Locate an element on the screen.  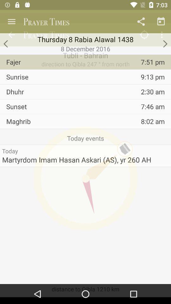
go forward to next date is located at coordinates (165, 43).